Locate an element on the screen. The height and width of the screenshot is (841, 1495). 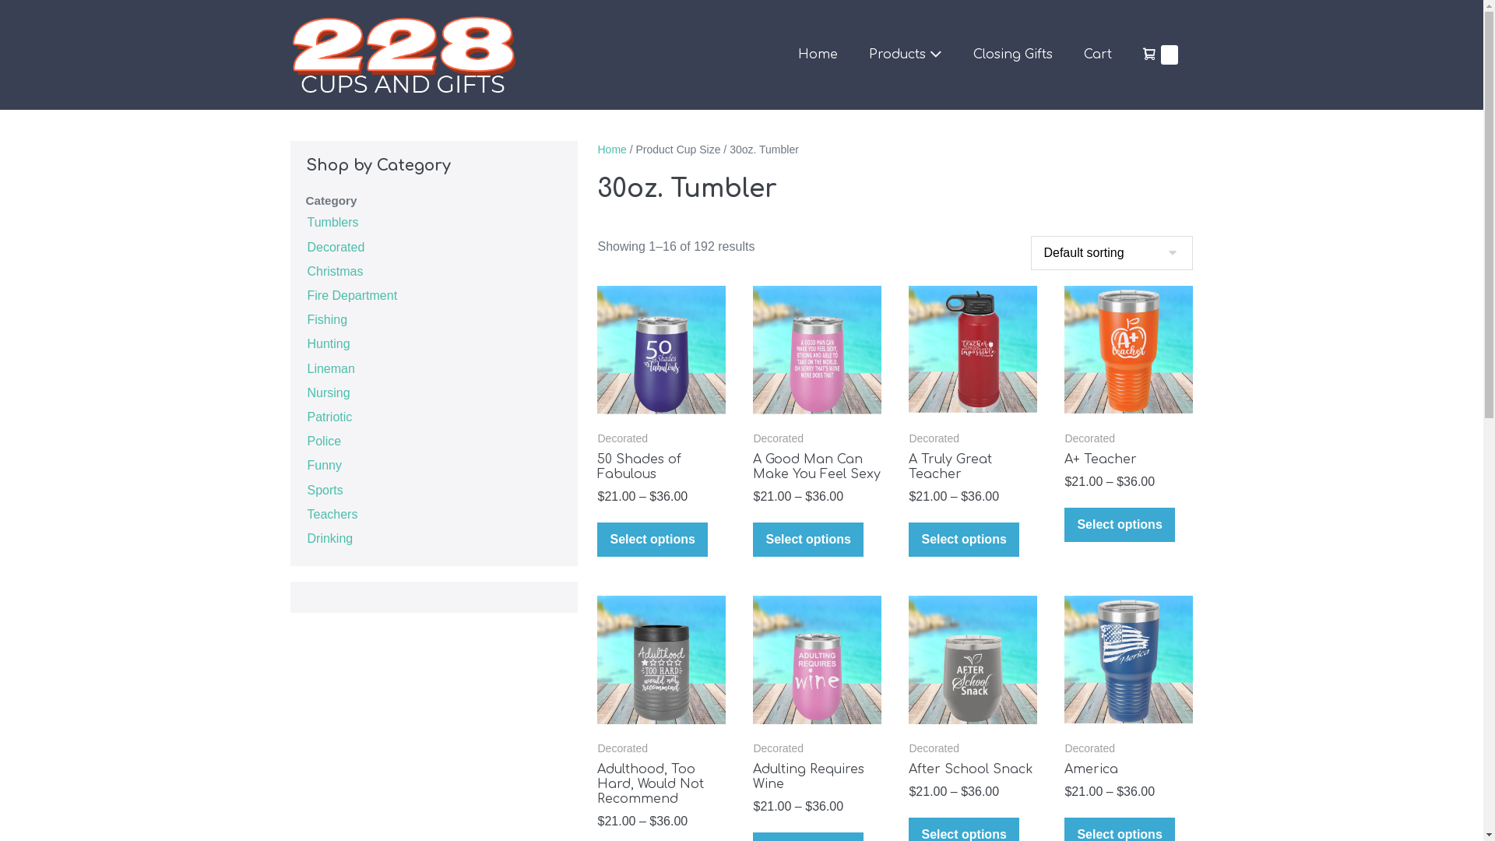
'Products' is located at coordinates (905, 54).